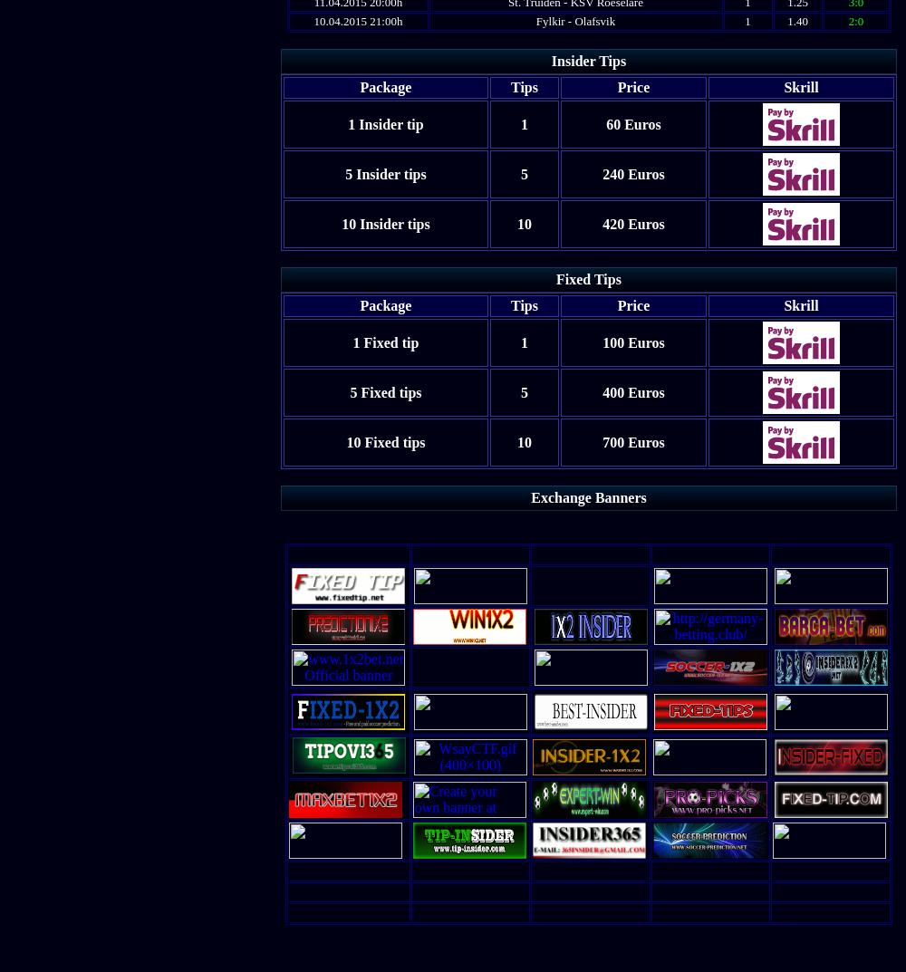  Describe the element at coordinates (848, 20) in the screenshot. I see `'2:0'` at that location.